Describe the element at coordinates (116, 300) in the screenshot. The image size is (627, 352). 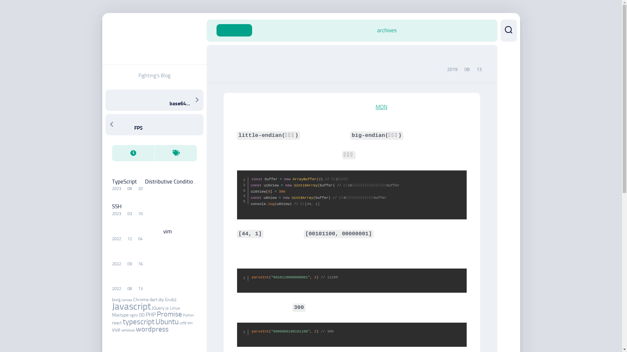
I see `'burg'` at that location.